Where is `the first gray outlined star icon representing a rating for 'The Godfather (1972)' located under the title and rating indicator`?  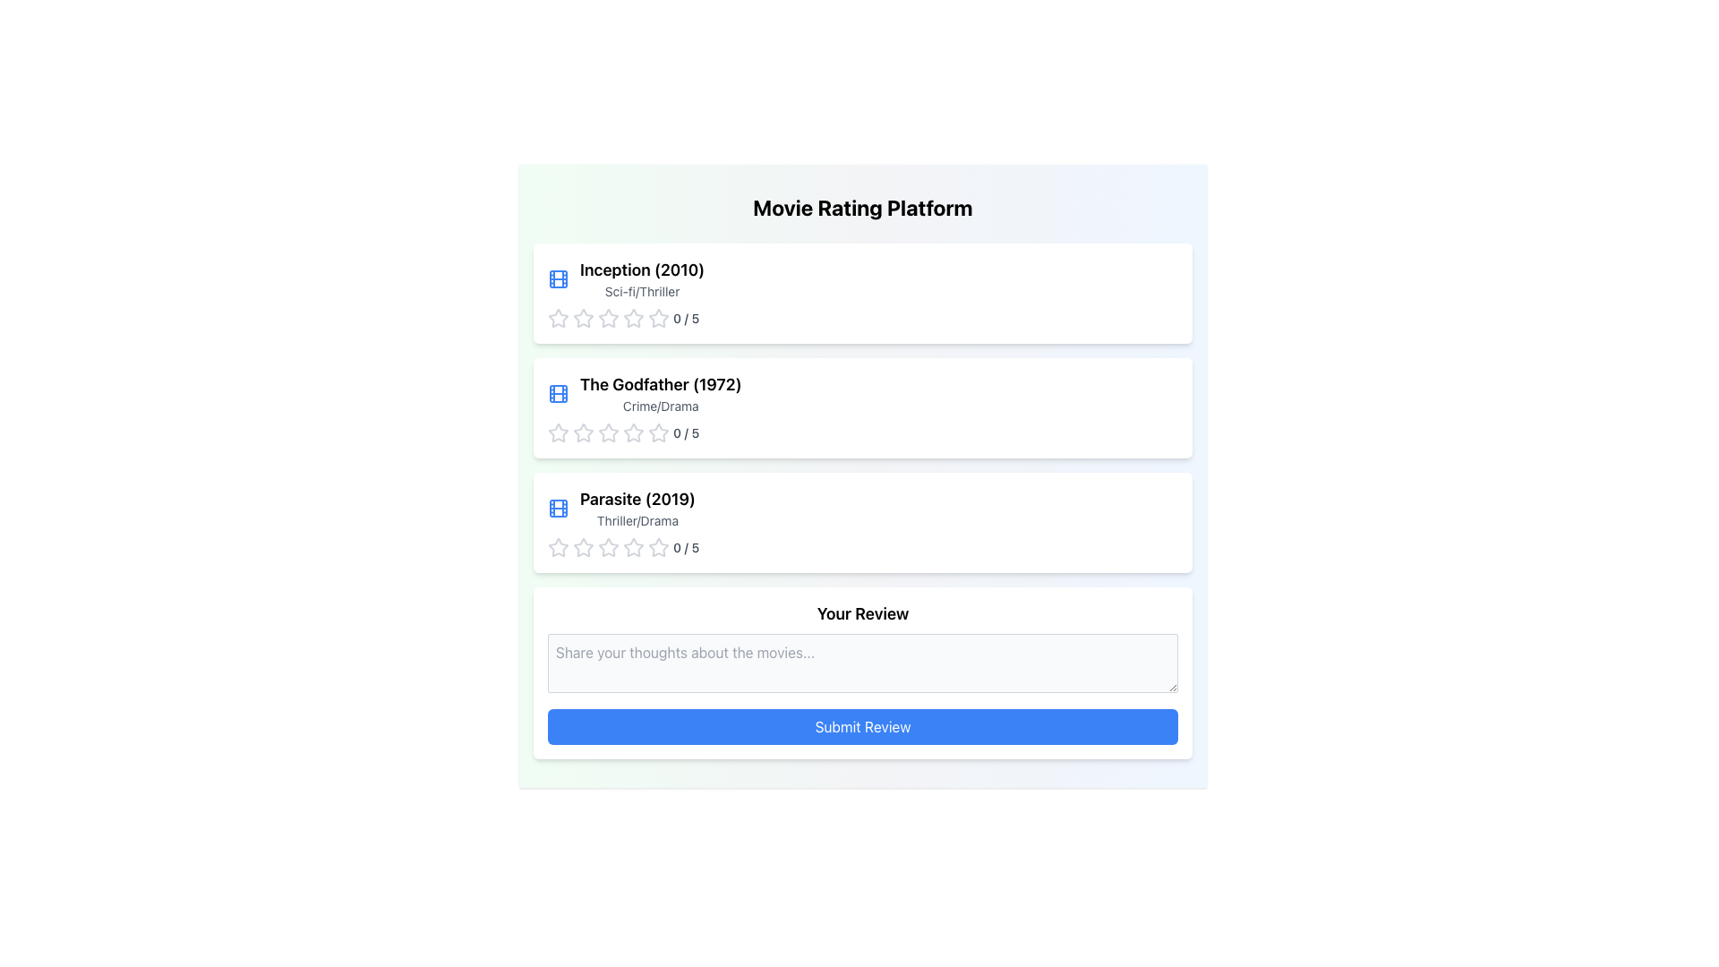
the first gray outlined star icon representing a rating for 'The Godfather (1972)' located under the title and rating indicator is located at coordinates (558, 432).